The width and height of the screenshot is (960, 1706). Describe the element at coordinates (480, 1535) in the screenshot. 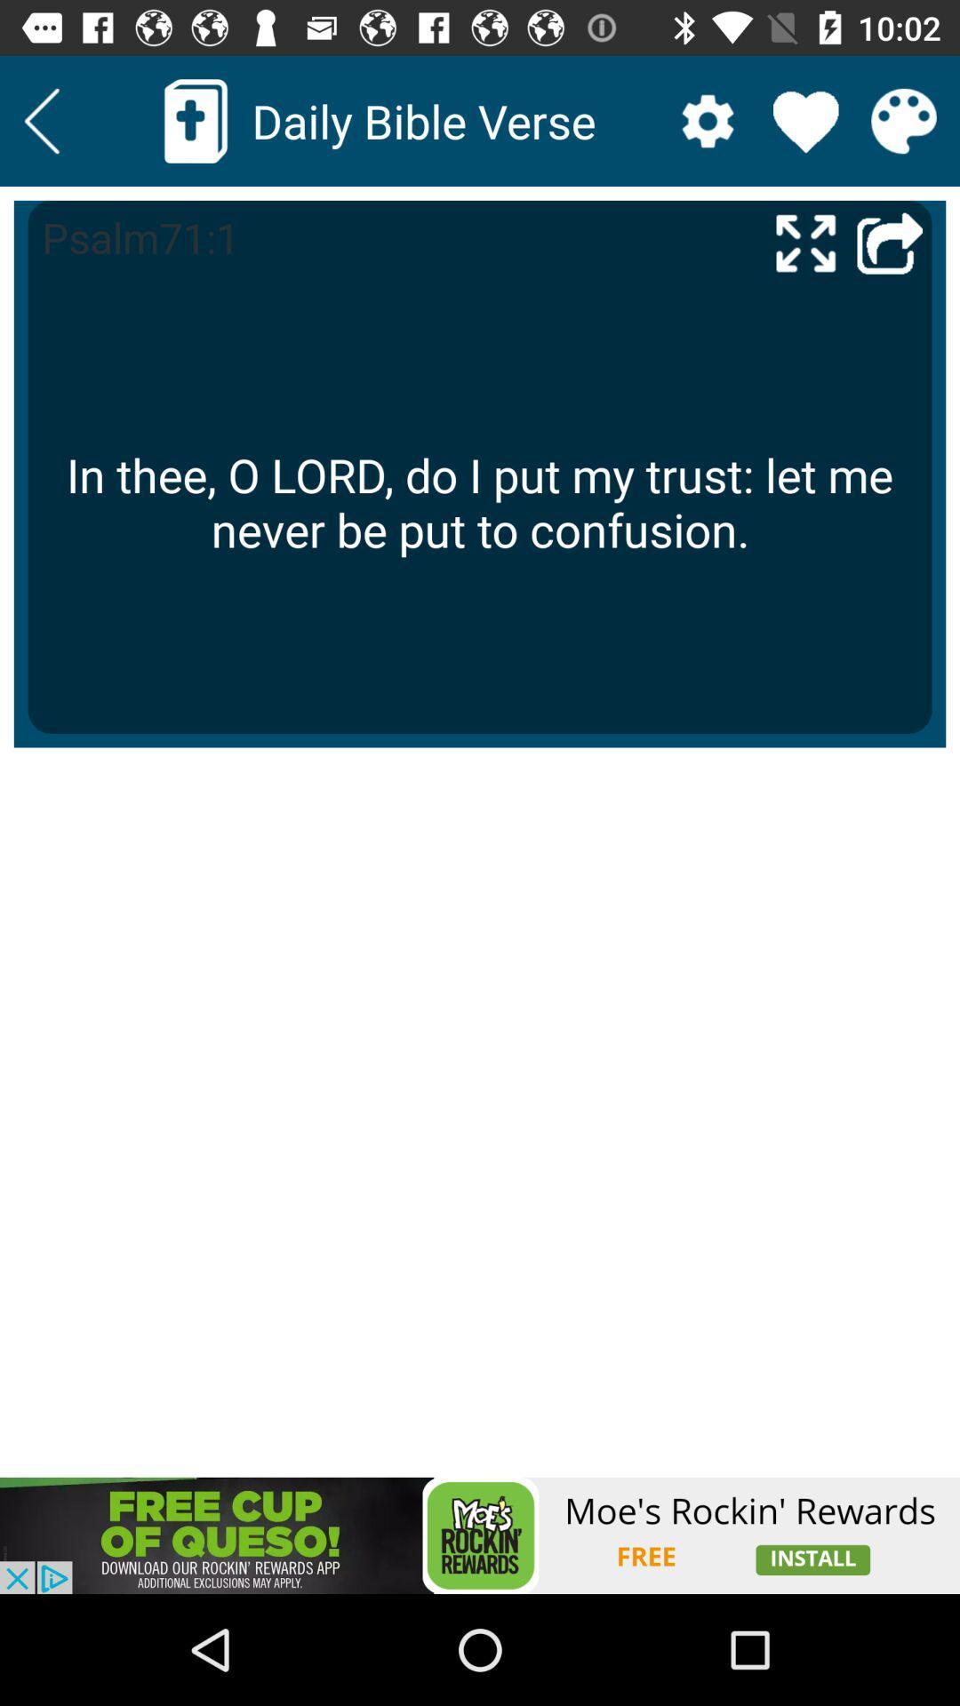

I see `advertisement` at that location.